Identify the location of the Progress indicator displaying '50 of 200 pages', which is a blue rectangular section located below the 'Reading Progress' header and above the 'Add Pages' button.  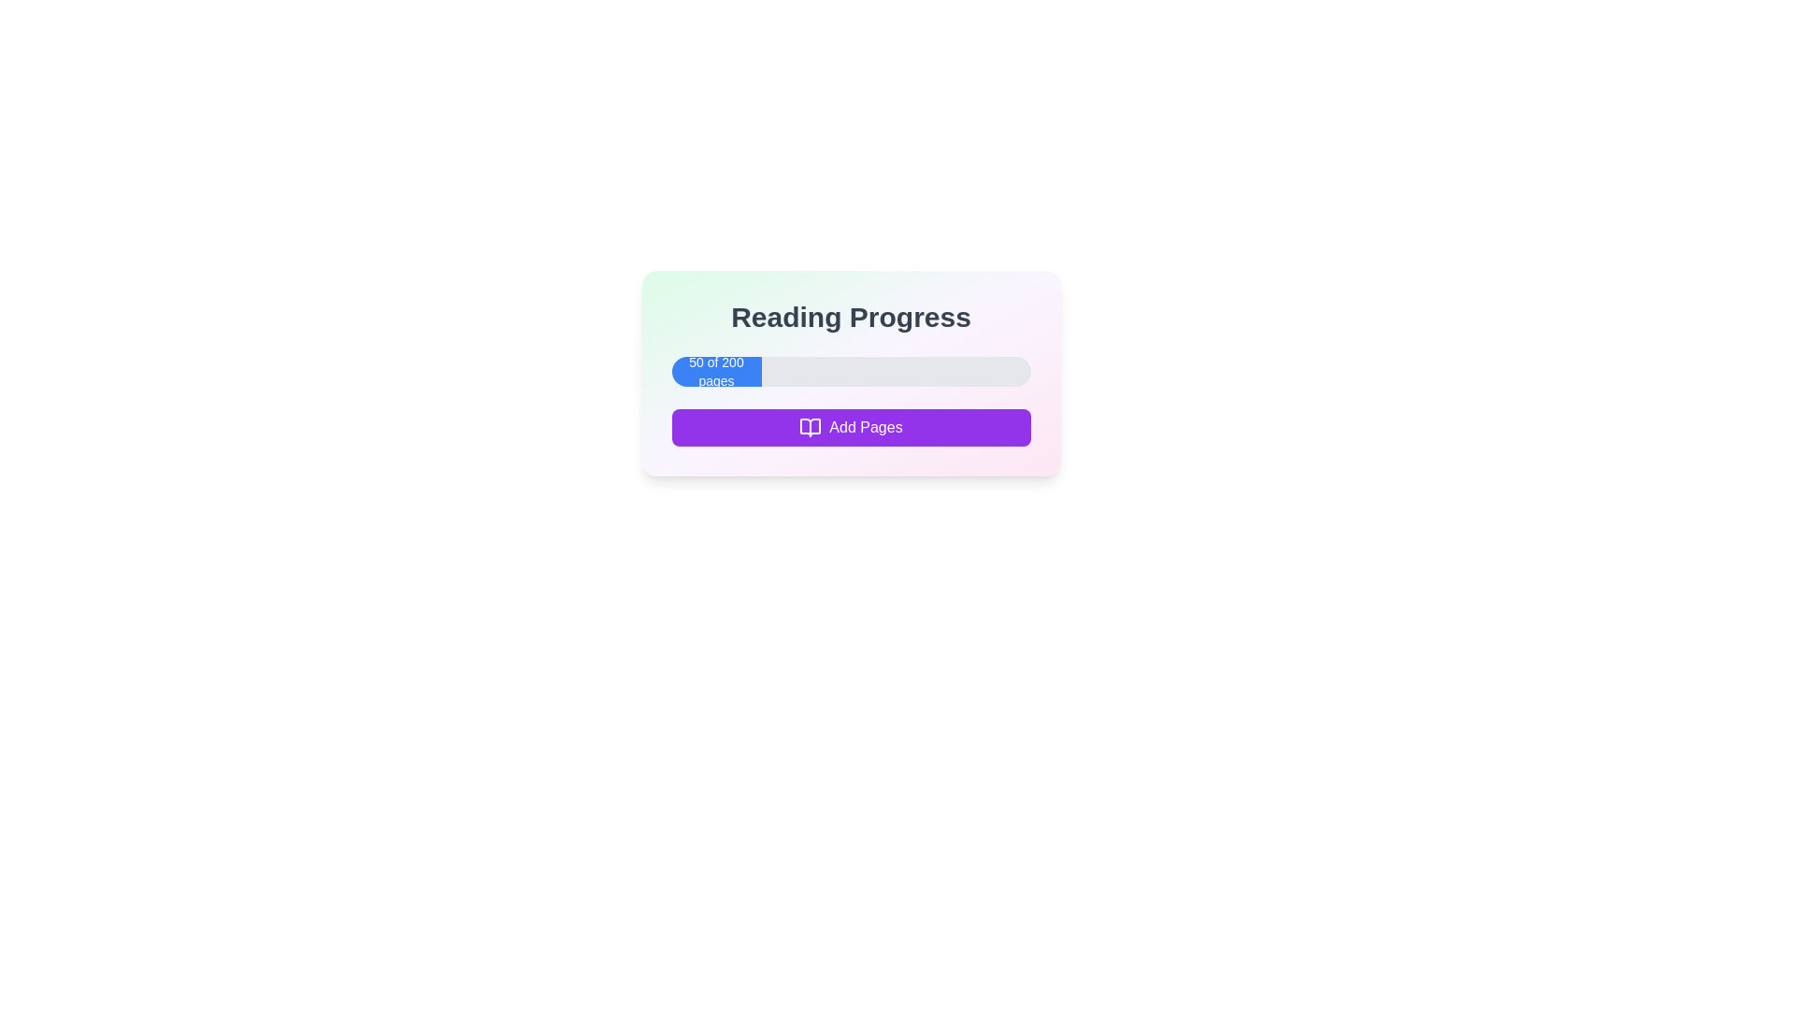
(715, 371).